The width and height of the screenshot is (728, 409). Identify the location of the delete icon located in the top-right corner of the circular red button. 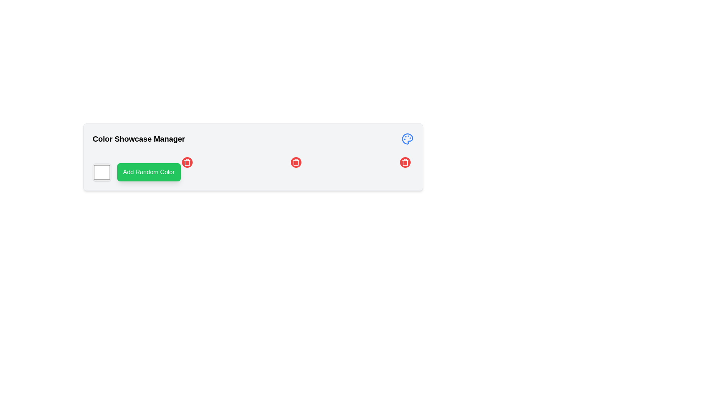
(405, 162).